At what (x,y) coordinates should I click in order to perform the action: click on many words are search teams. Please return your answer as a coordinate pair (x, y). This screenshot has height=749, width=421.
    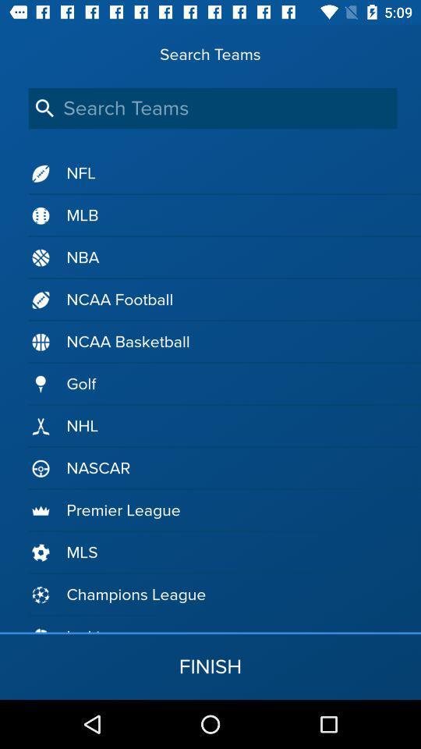
    Looking at the image, I should click on (212, 108).